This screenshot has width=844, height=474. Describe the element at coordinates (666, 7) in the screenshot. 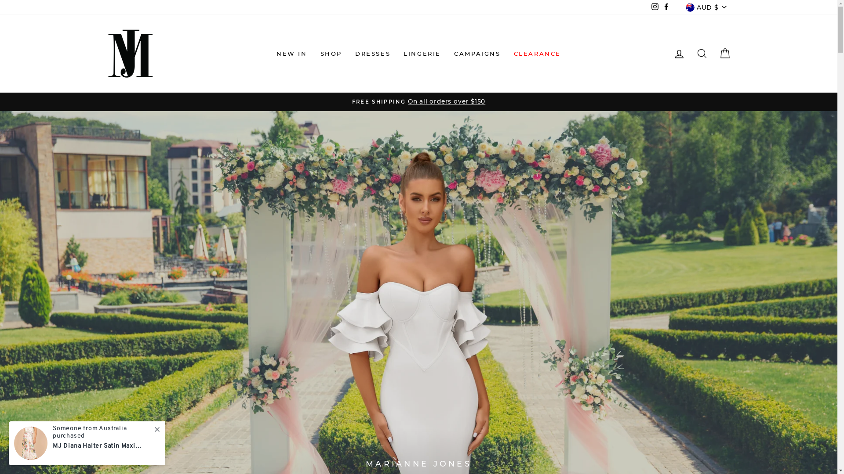

I see `'Facebook'` at that location.